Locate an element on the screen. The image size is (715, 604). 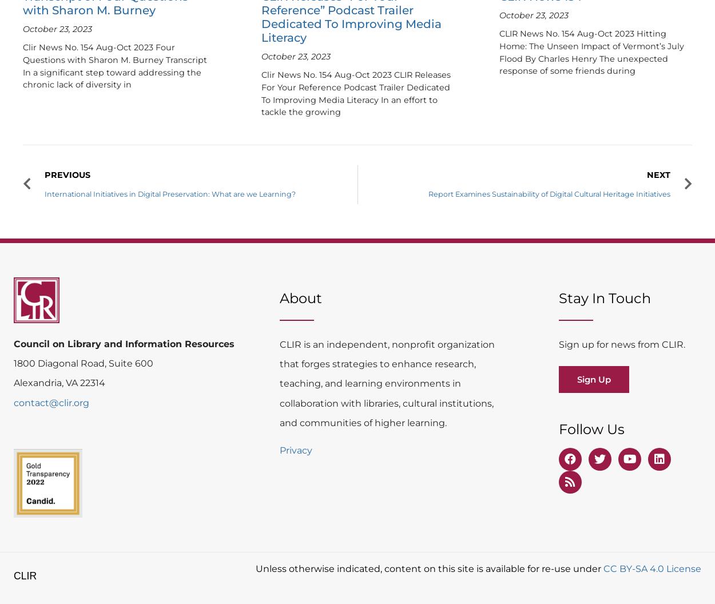
'1800 Diagonal Road, Suite 600' is located at coordinates (84, 363).